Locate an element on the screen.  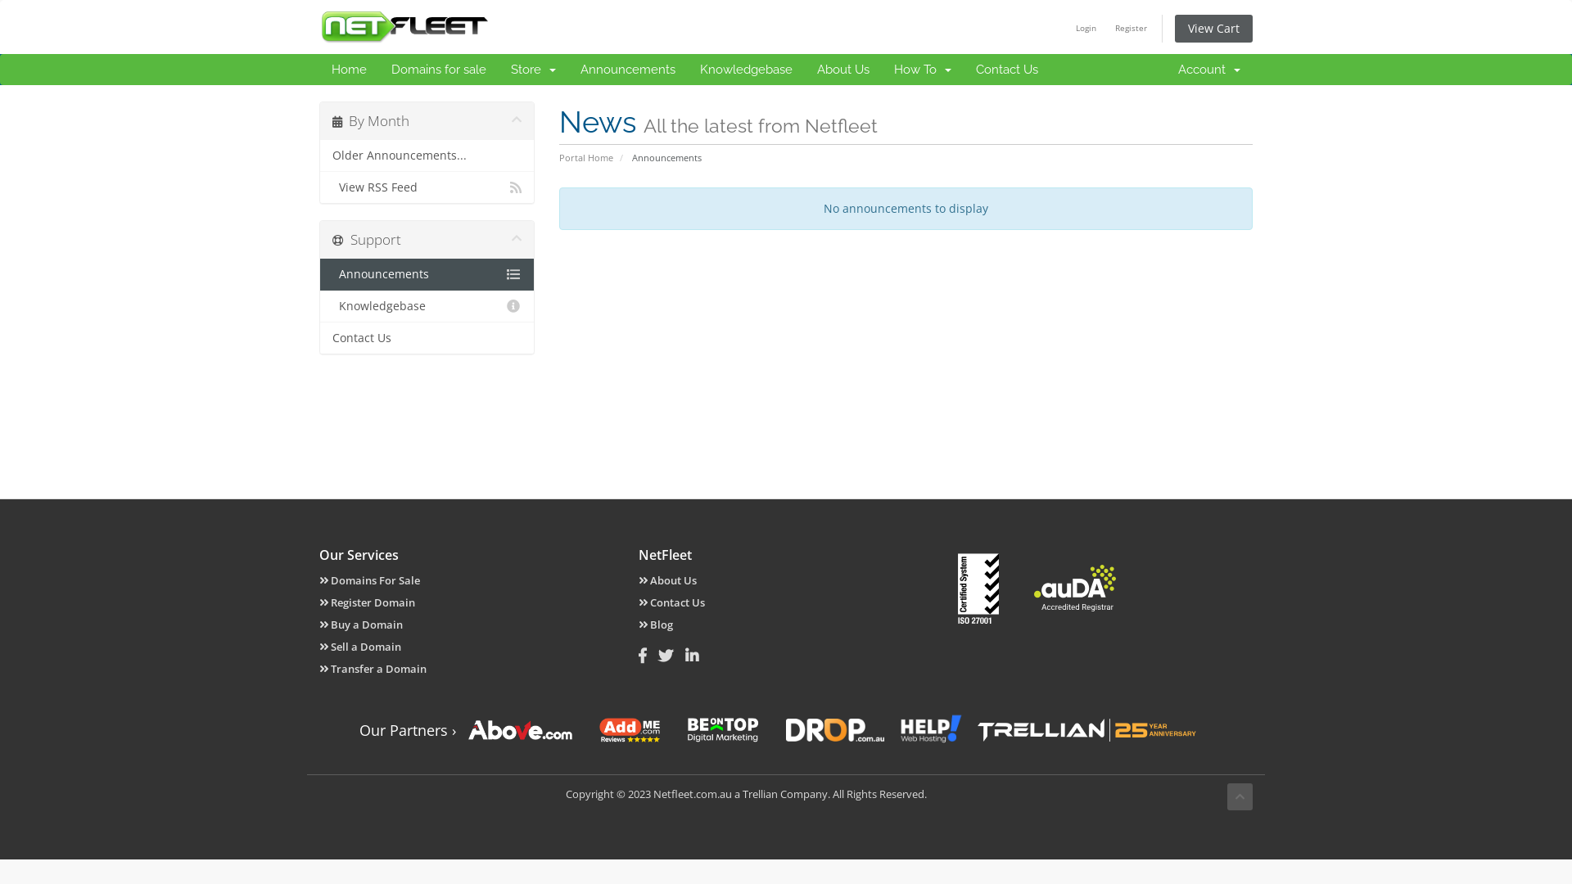
'auDa Accredited Registrar' is located at coordinates (1075, 587).